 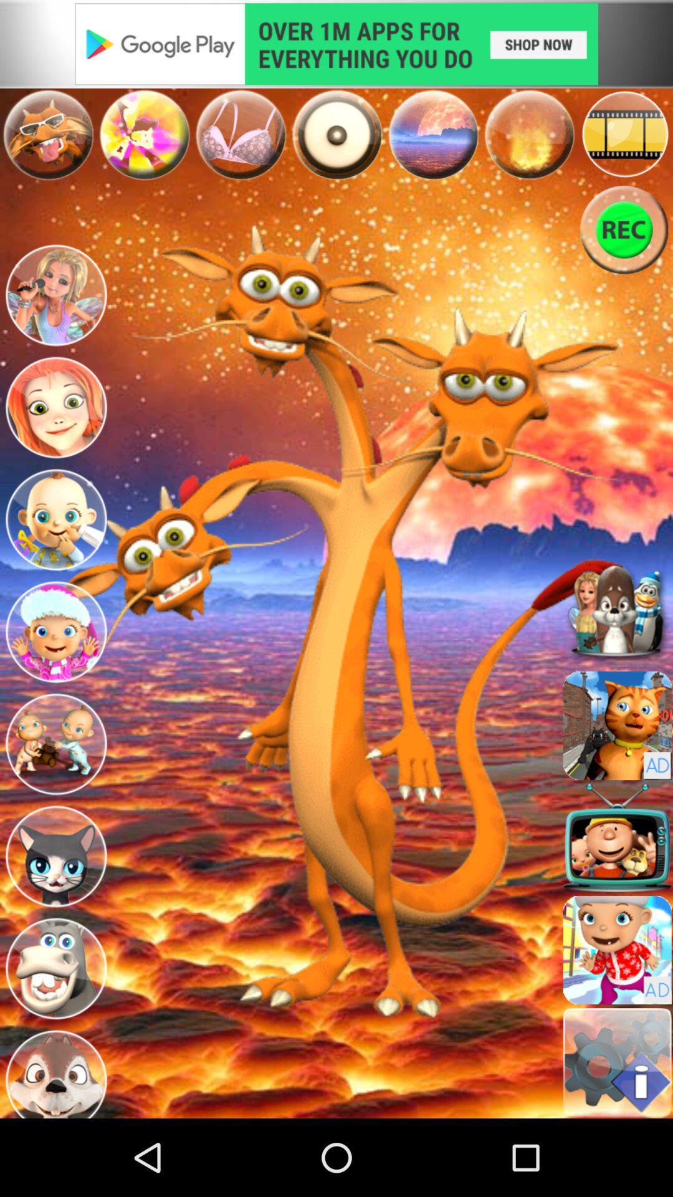 What do you see at coordinates (55, 676) in the screenshot?
I see `the avatar icon` at bounding box center [55, 676].